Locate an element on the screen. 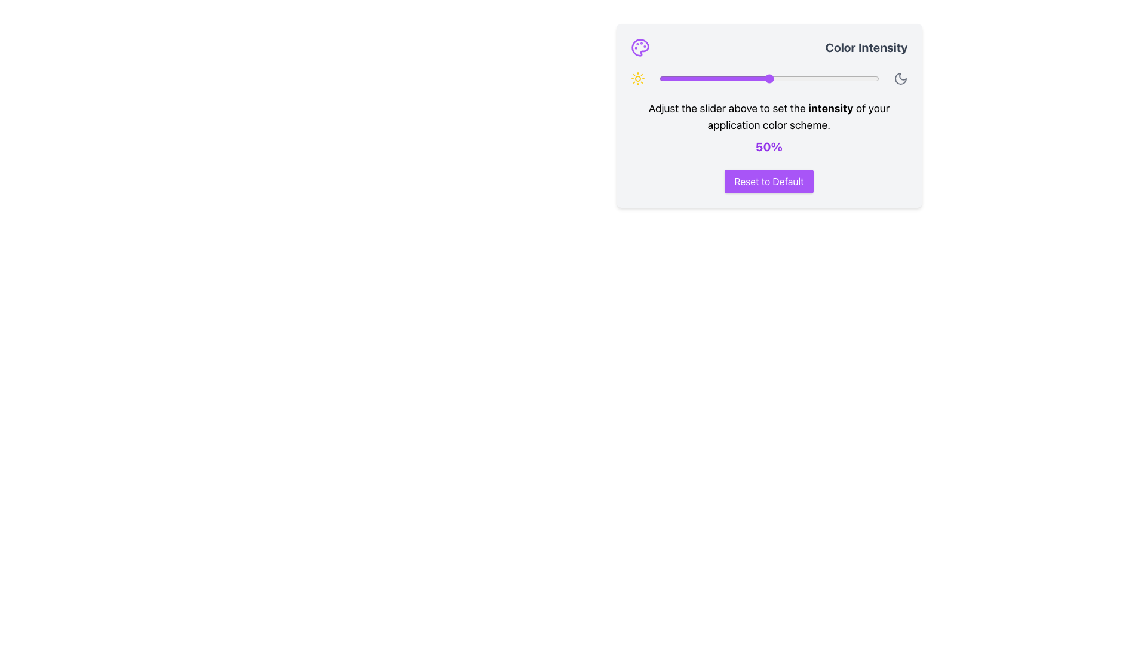 Image resolution: width=1147 pixels, height=645 pixels. the color intensity is located at coordinates (773, 78).